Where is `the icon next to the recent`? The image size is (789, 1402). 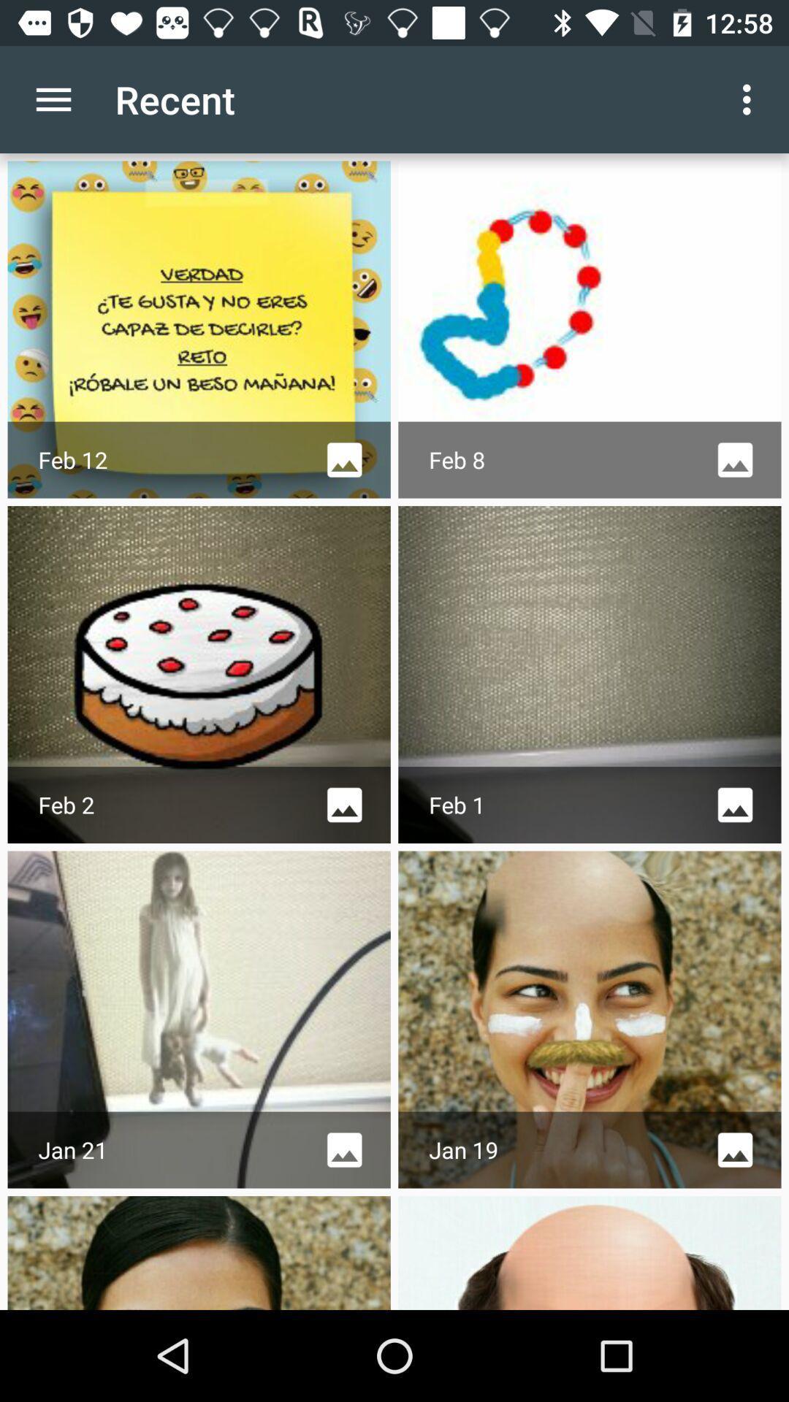
the icon next to the recent is located at coordinates (53, 99).